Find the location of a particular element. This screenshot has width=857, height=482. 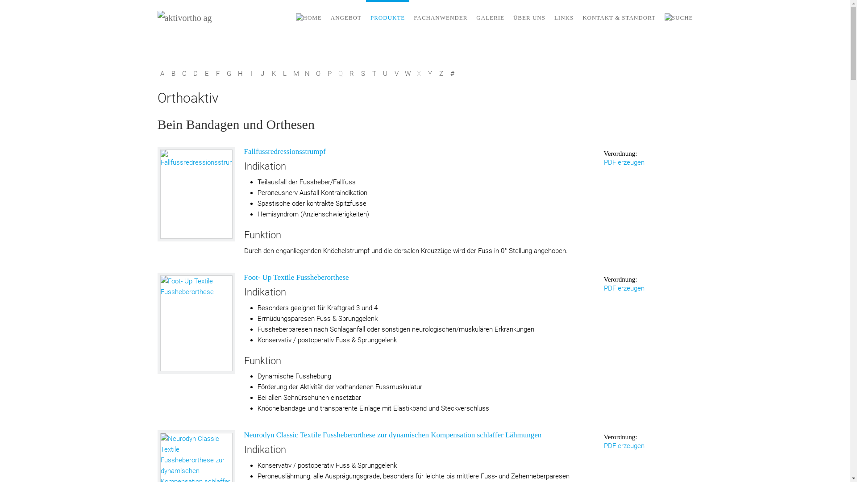

'N' is located at coordinates (302, 73).